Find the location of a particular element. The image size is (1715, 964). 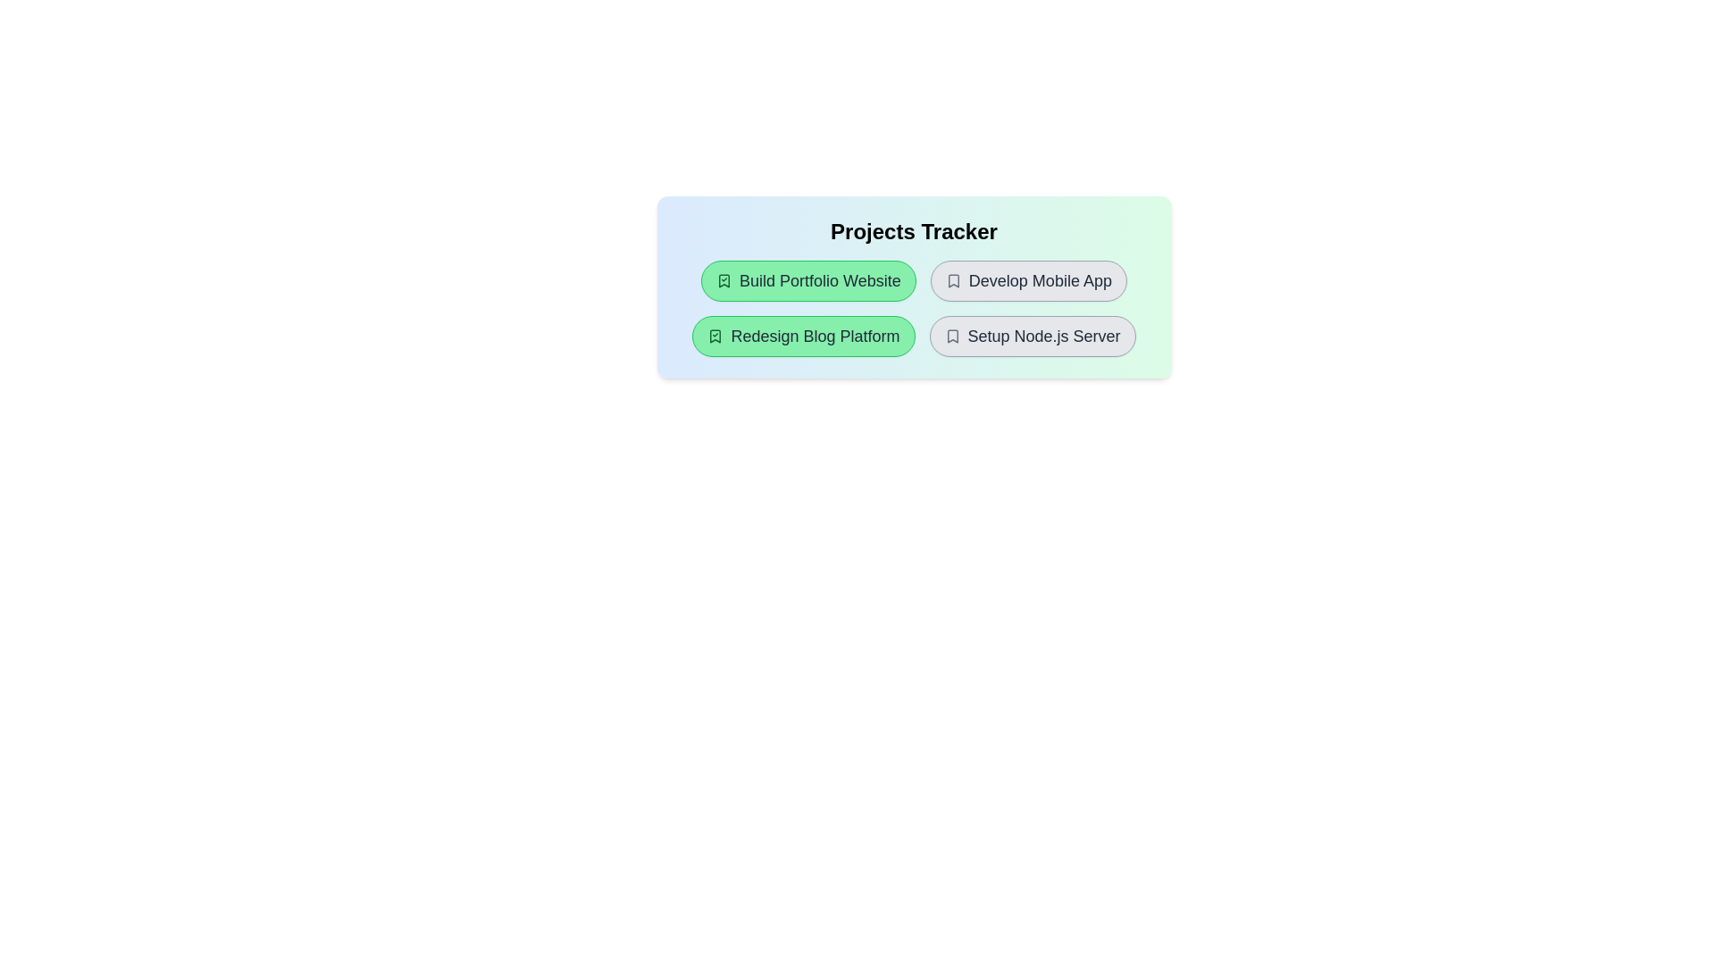

the project item Develop Mobile App to toggle its completion state is located at coordinates (1028, 281).